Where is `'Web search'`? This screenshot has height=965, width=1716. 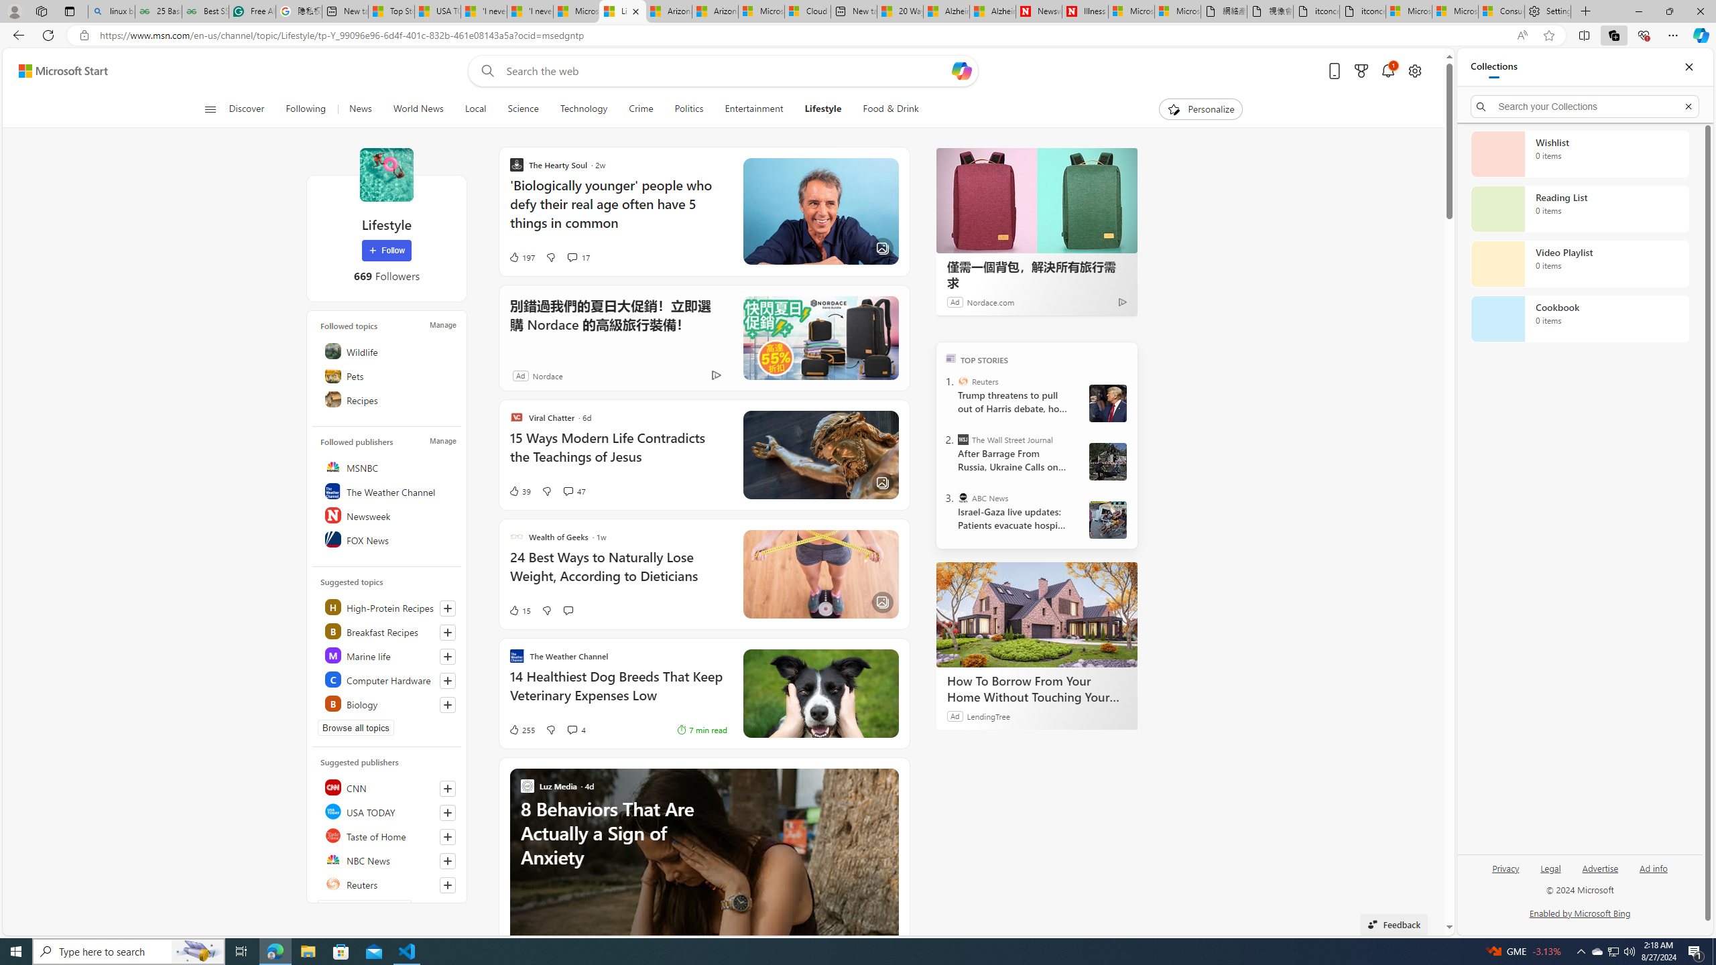
'Web search' is located at coordinates (485, 71).